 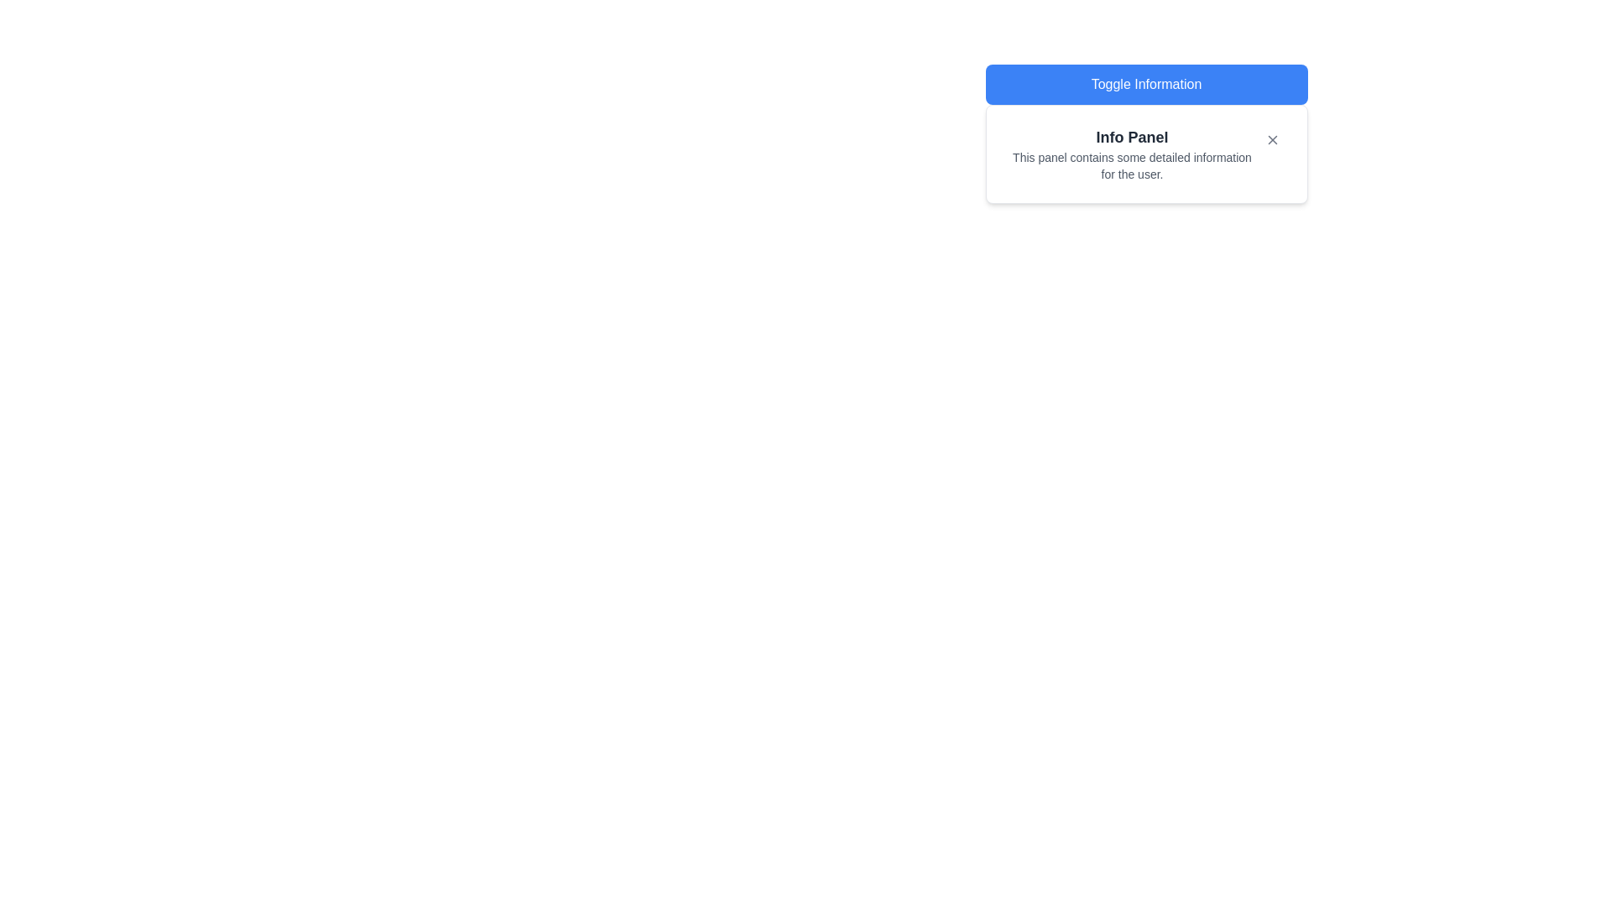 I want to click on the toggle button that shows or hides the 'Info Panel' to change its background color, so click(x=1145, y=84).